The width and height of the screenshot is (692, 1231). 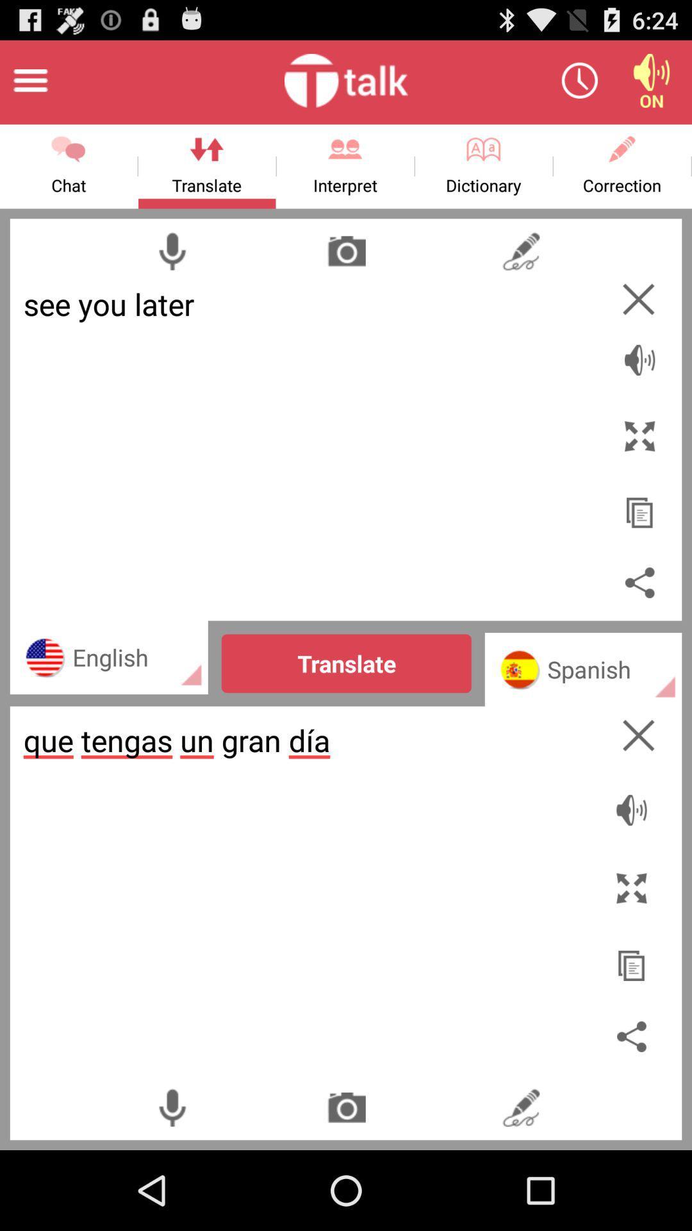 What do you see at coordinates (639, 582) in the screenshot?
I see `share translation` at bounding box center [639, 582].